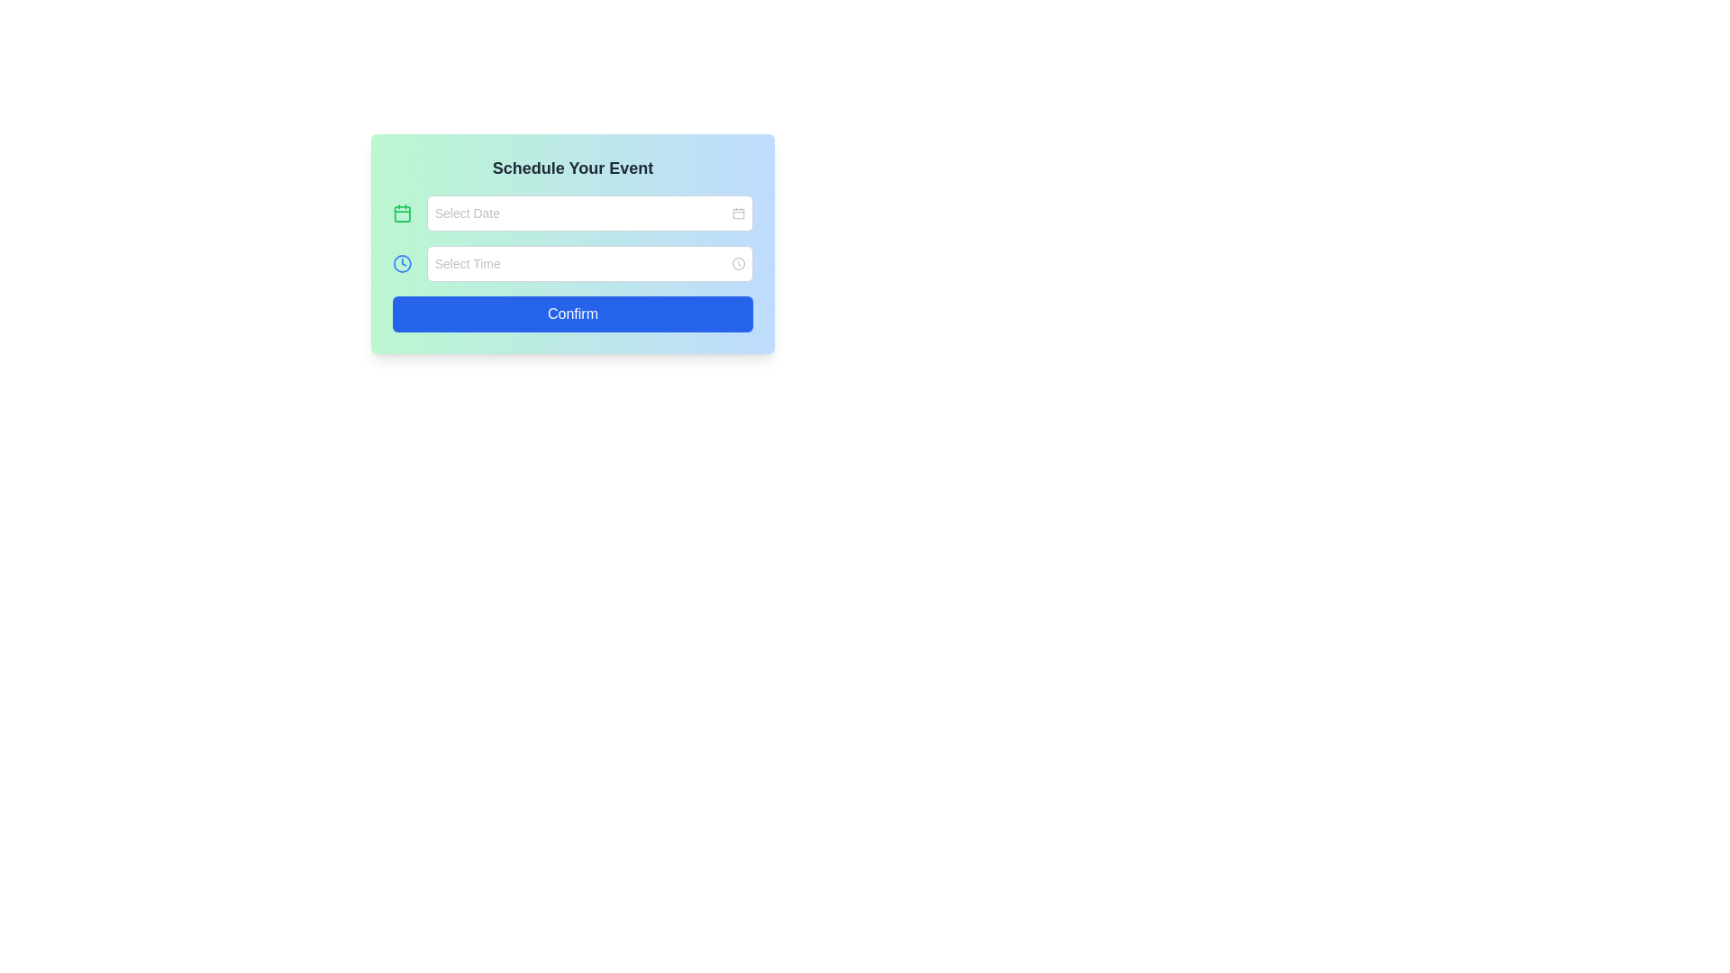 The image size is (1730, 973). Describe the element at coordinates (401, 264) in the screenshot. I see `the icon indicating the 'Select Time' input field in the 'Schedule Your Event' interface, which is located at the left side of the input field` at that location.